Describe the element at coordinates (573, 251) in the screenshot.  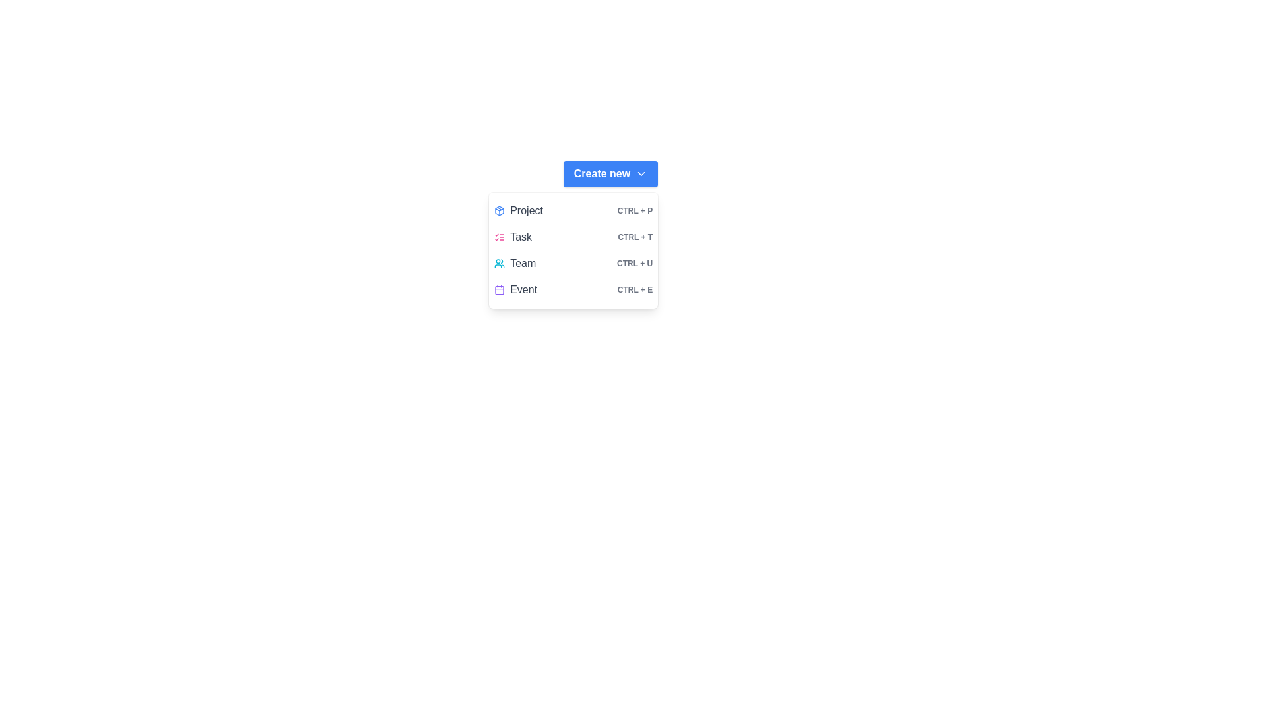
I see `the third item in the dropdown menu, which has a white background and rounded corners` at that location.